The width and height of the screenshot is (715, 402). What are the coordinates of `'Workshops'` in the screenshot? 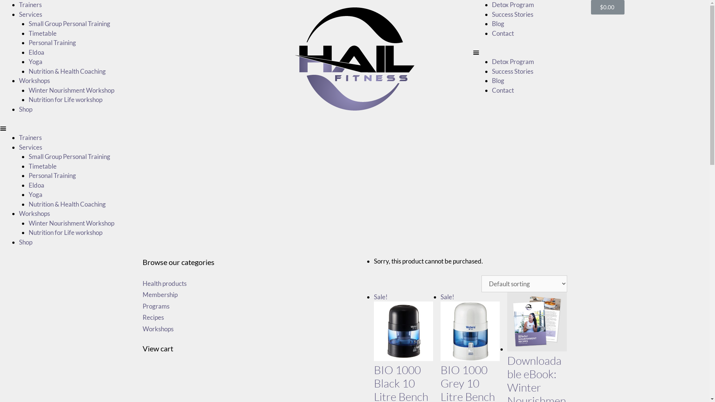 It's located at (157, 328).